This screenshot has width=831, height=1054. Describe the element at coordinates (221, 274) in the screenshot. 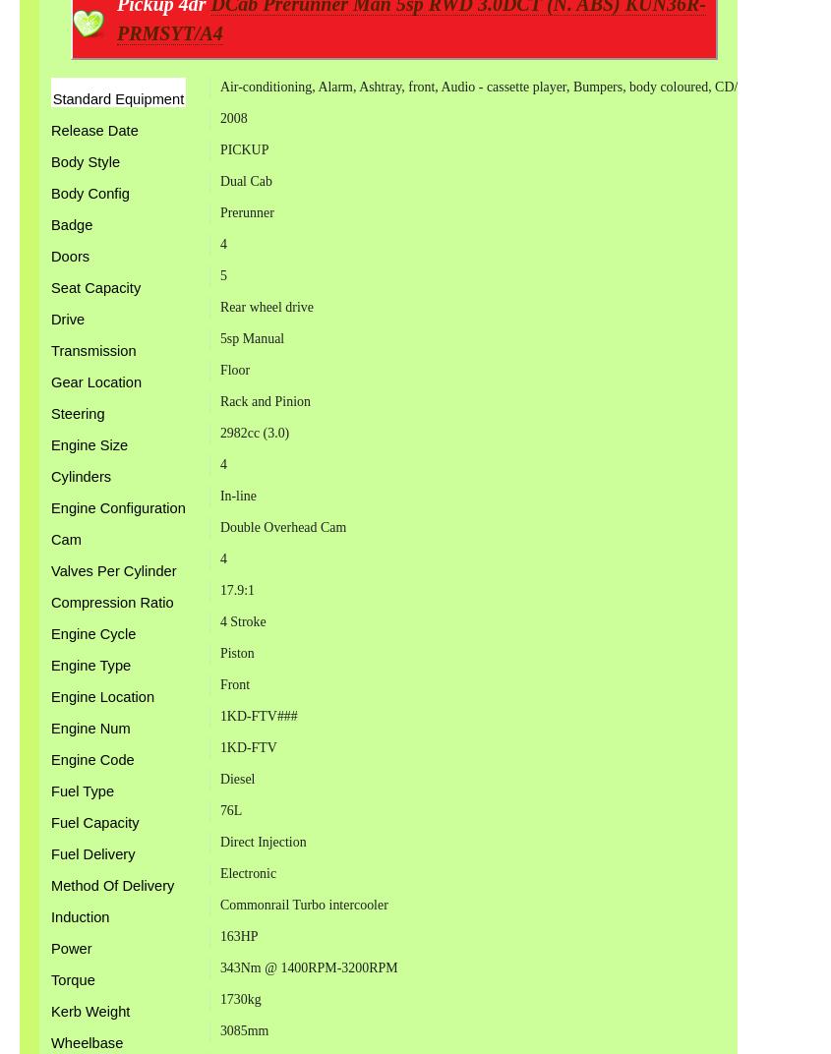

I see `'5'` at that location.